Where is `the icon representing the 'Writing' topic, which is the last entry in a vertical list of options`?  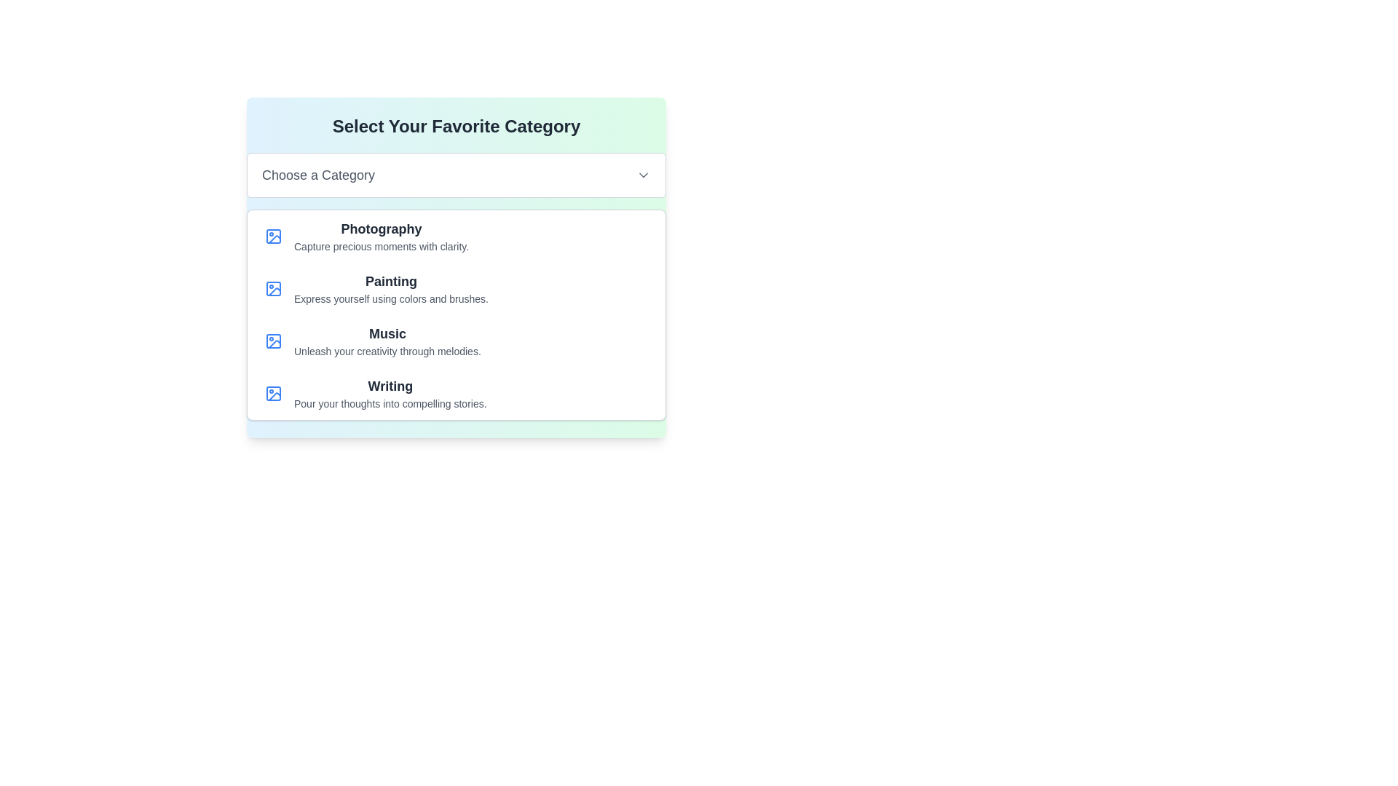 the icon representing the 'Writing' topic, which is the last entry in a vertical list of options is located at coordinates (273, 393).